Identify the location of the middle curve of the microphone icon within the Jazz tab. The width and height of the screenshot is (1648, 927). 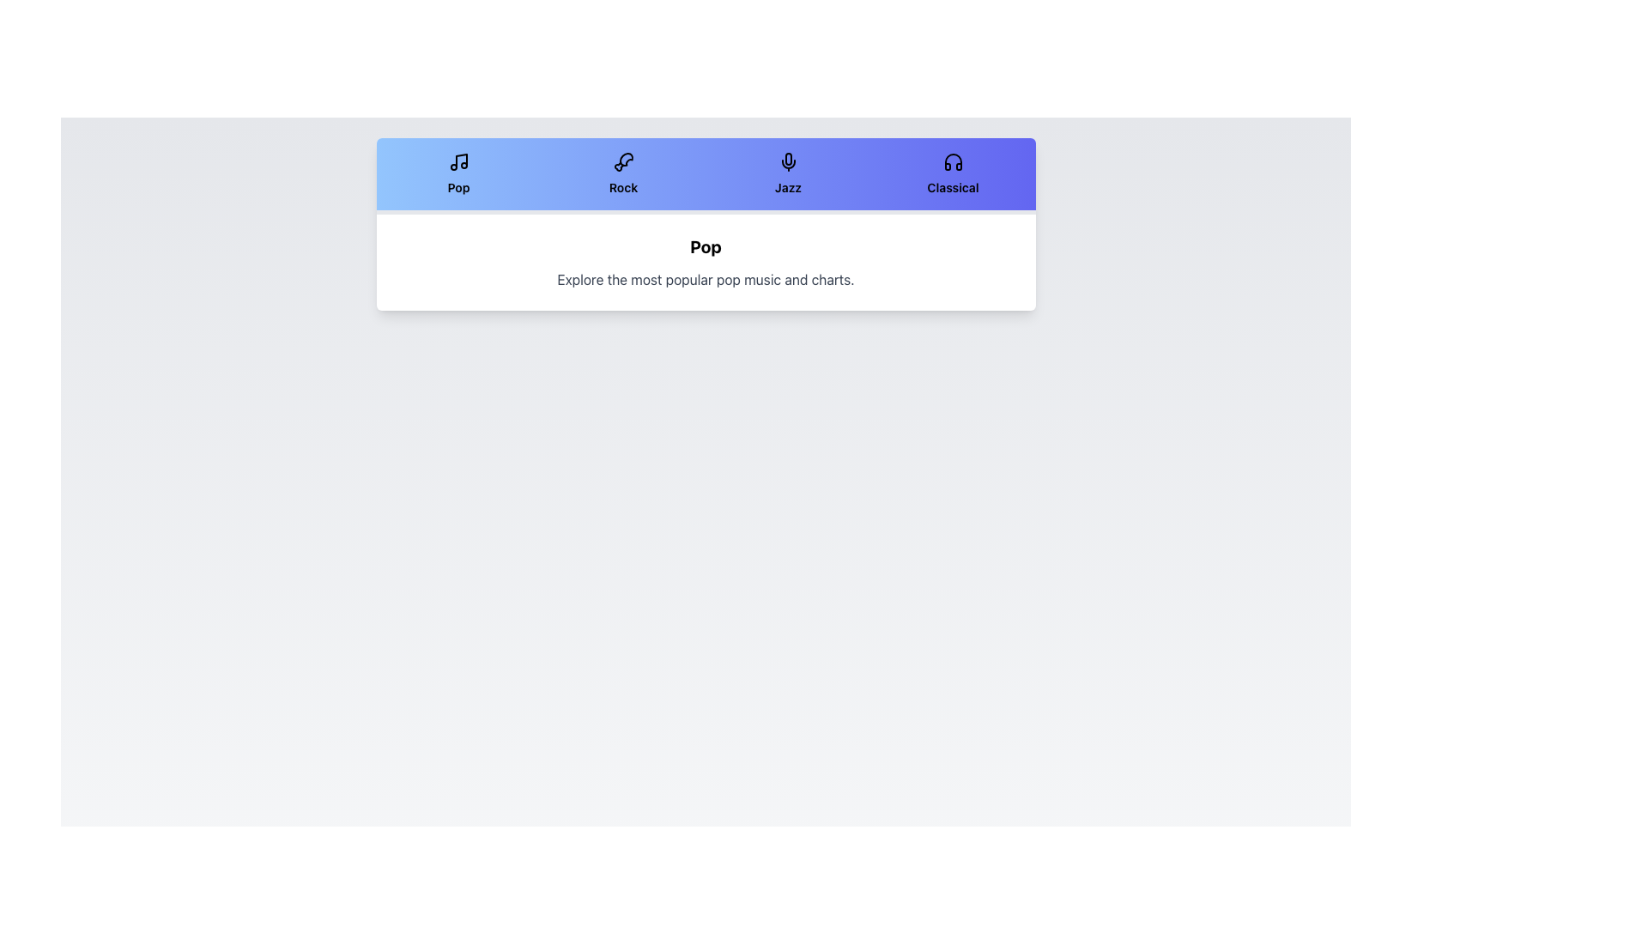
(787, 164).